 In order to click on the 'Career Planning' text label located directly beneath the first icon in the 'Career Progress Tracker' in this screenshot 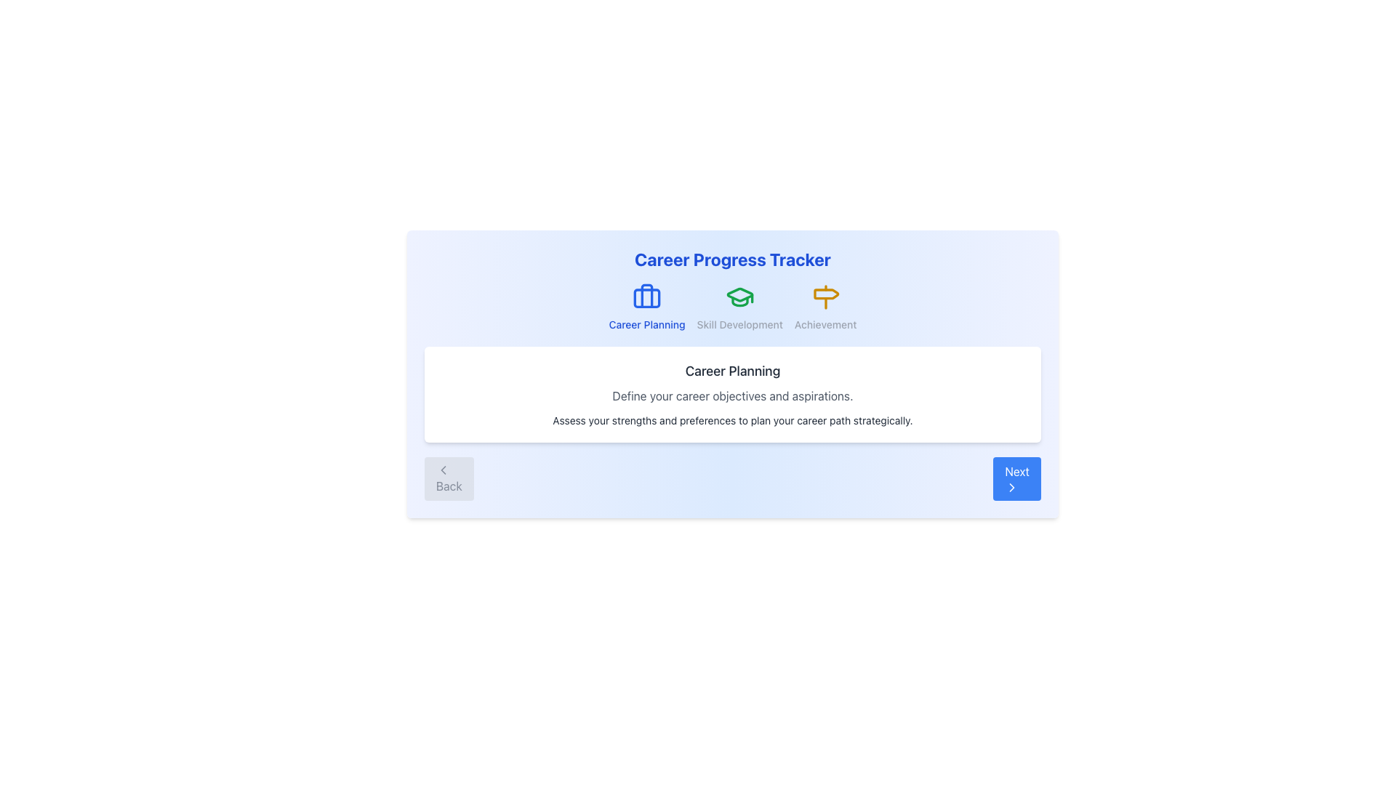, I will do `click(646, 324)`.